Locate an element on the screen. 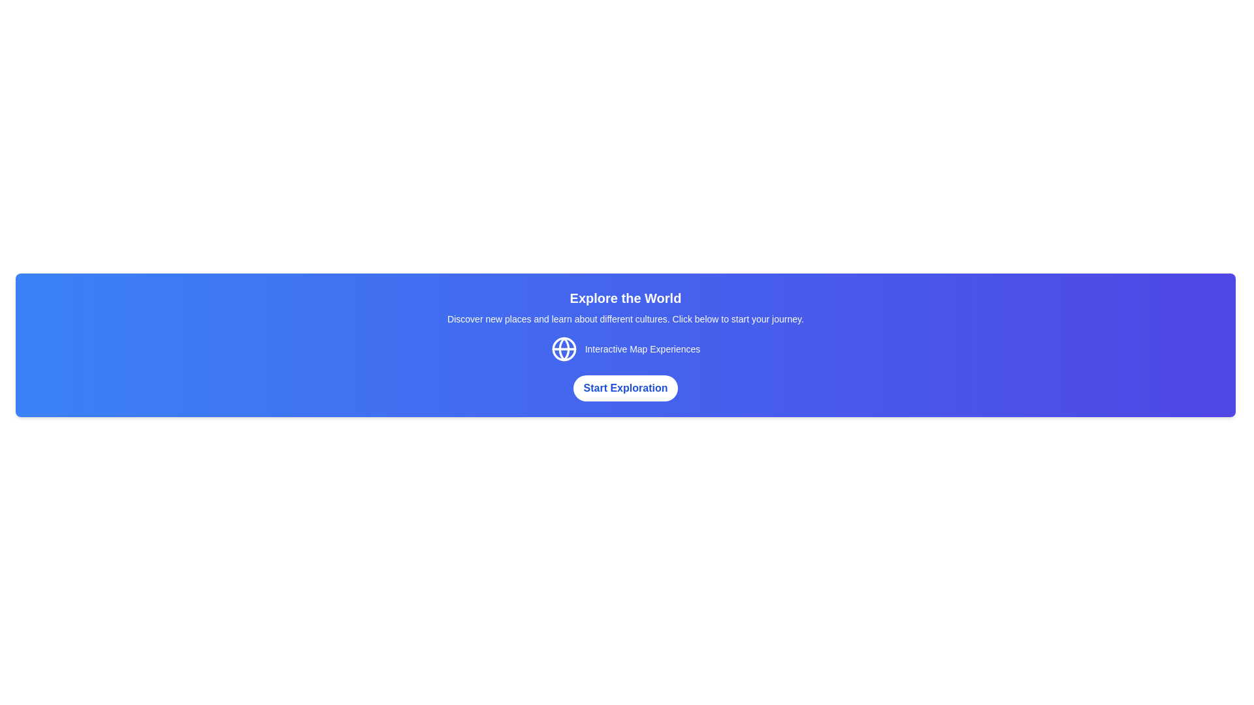  the Label with Icon that highlights 'Interactive Map Experiences', positioned below the heading and above the 'Start Exploration' button is located at coordinates (625, 349).